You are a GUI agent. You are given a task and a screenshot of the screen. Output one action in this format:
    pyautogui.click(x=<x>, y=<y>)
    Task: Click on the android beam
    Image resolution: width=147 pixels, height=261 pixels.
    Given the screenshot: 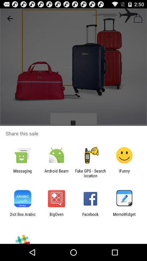 What is the action you would take?
    pyautogui.click(x=56, y=173)
    